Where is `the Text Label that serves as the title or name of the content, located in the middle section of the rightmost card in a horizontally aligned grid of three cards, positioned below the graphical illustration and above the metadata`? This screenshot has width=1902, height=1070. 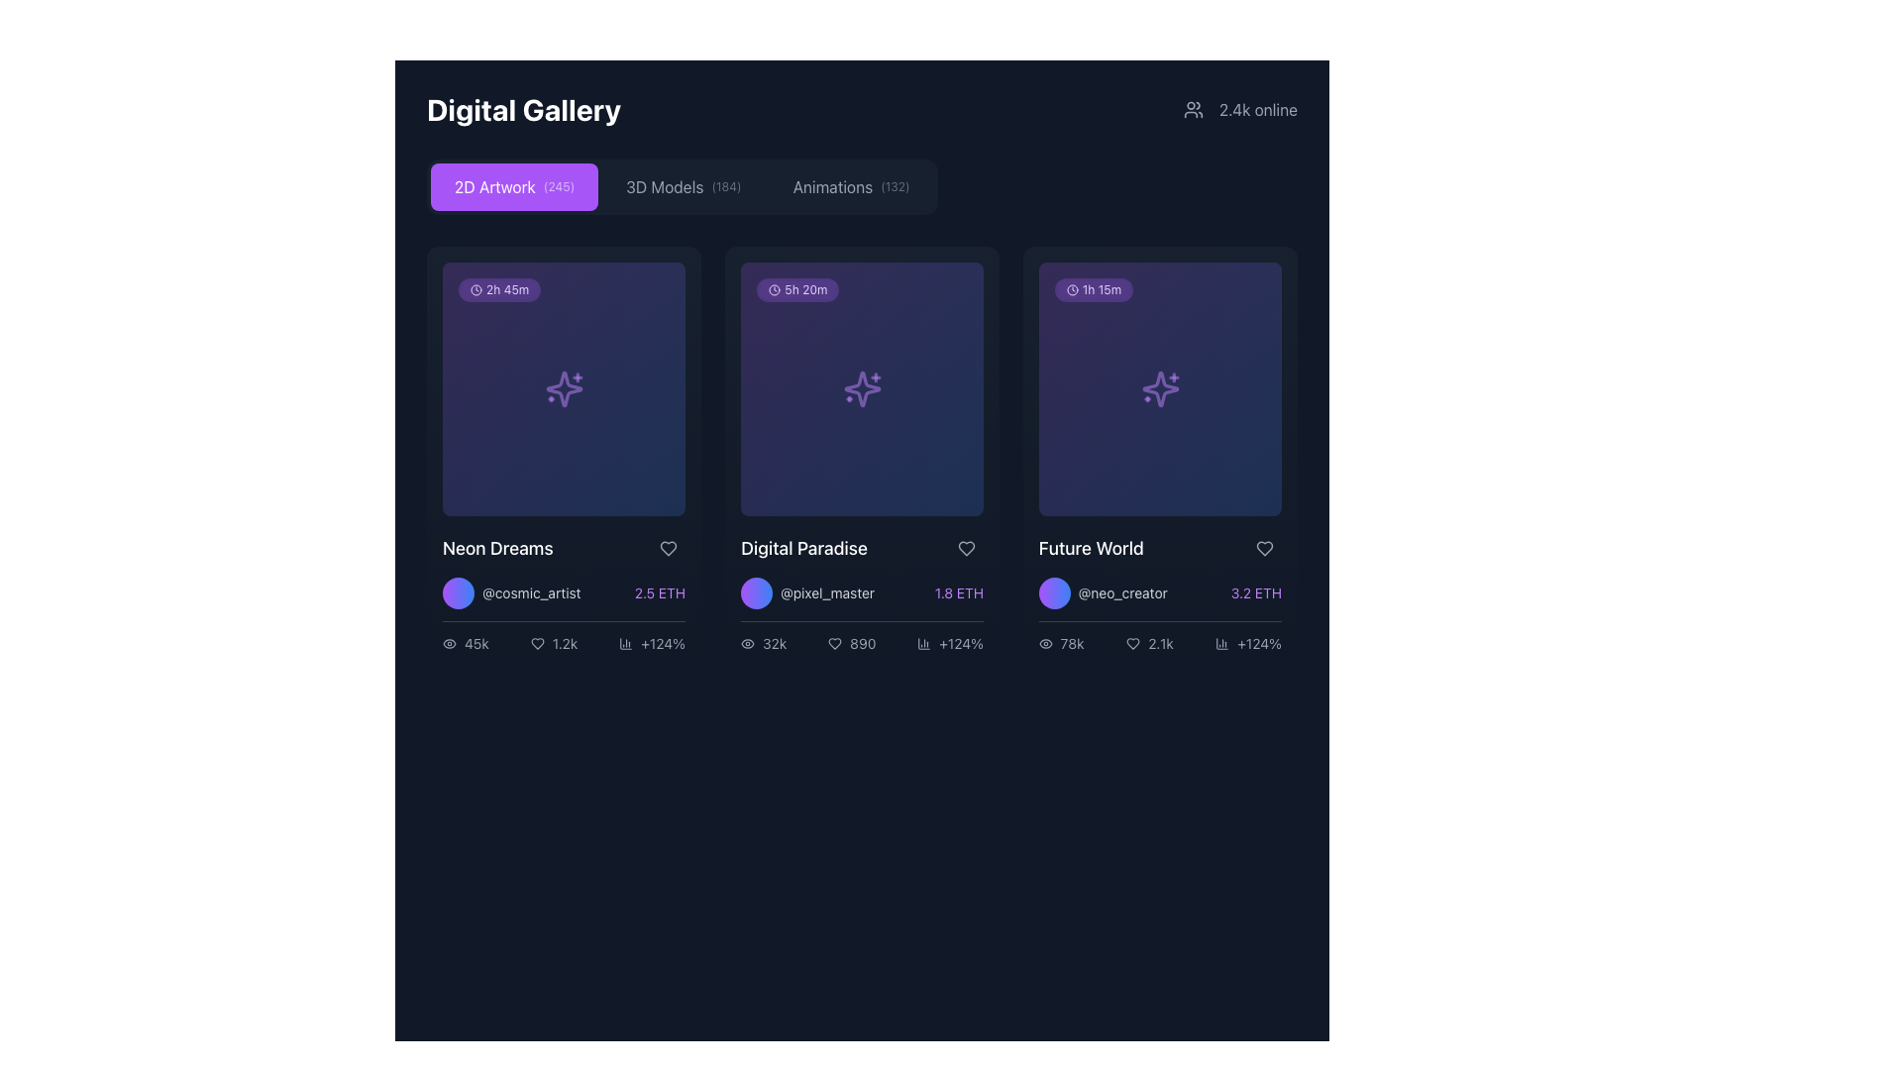 the Text Label that serves as the title or name of the content, located in the middle section of the rightmost card in a horizontally aligned grid of three cards, positioned below the graphical illustration and above the metadata is located at coordinates (1091, 549).